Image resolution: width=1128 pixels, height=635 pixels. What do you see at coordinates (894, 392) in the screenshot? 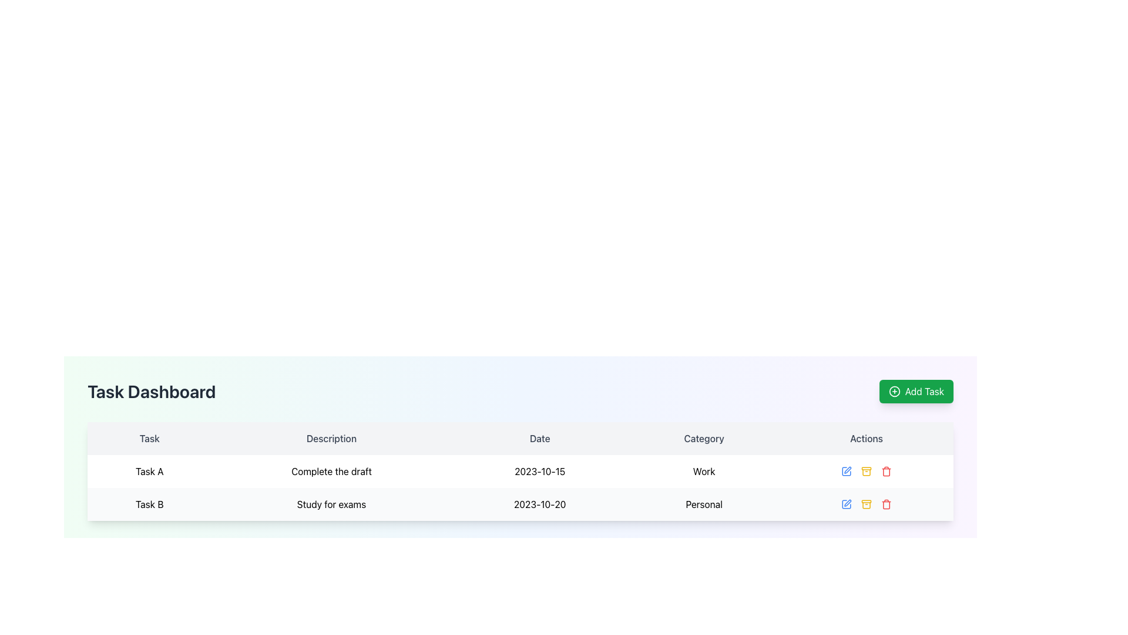
I see `the circle element of the '+' icon, which signifies the addition action for adding a new task in the upper right corner of the task dashboard interface` at bounding box center [894, 392].